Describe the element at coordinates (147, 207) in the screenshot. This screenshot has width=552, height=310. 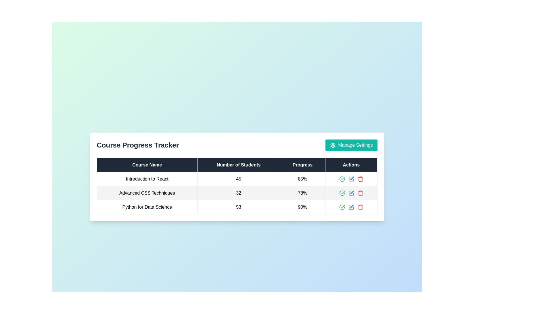
I see `the text label displaying the title 'Python for Data Science' in the 'Course Progress Tracker' table, located in the first cell of the third row under the 'Course Name' column` at that location.